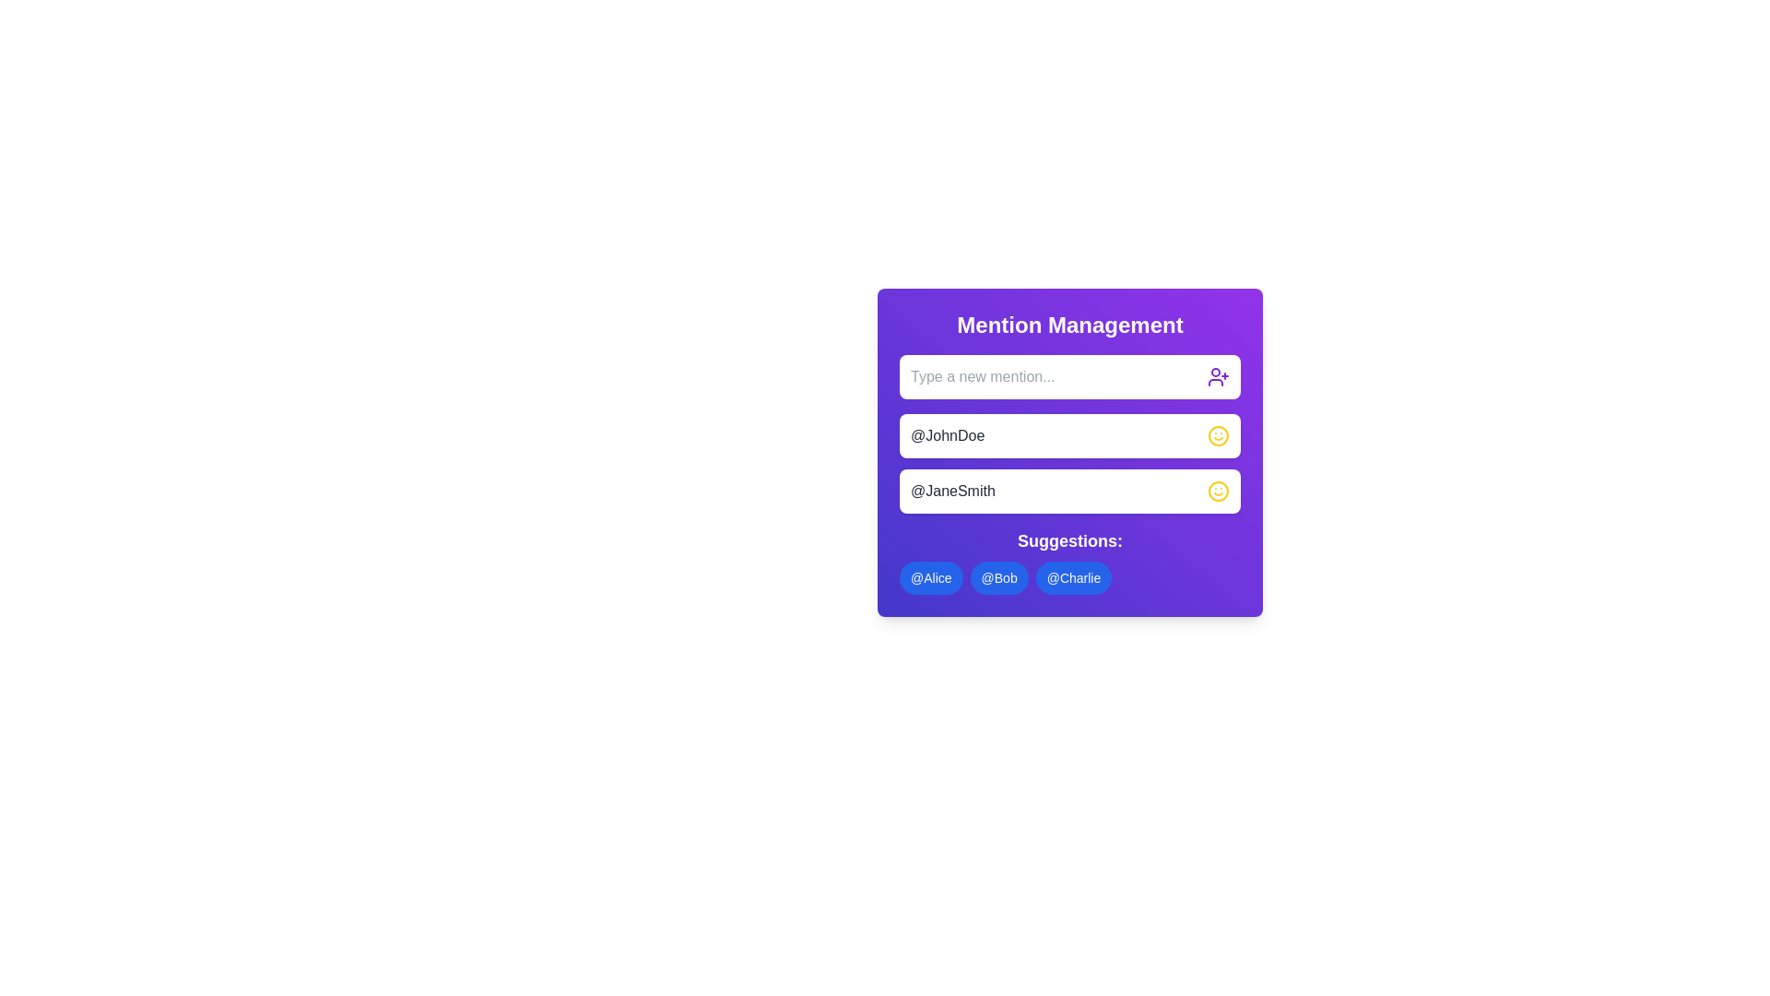  What do you see at coordinates (1218, 490) in the screenshot?
I see `the circular yellow smiley face icon located to the right of the username '@JaneSmith'` at bounding box center [1218, 490].